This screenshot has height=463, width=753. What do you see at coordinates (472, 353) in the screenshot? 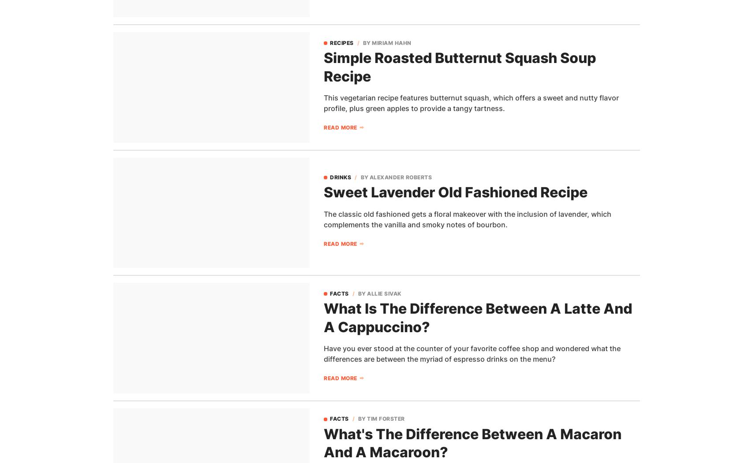
I see `'Have you ever stood at the counter of your favorite coffee shop and wondered what the differences are between the myriad of espresso drinks on the menu?'` at bounding box center [472, 353].